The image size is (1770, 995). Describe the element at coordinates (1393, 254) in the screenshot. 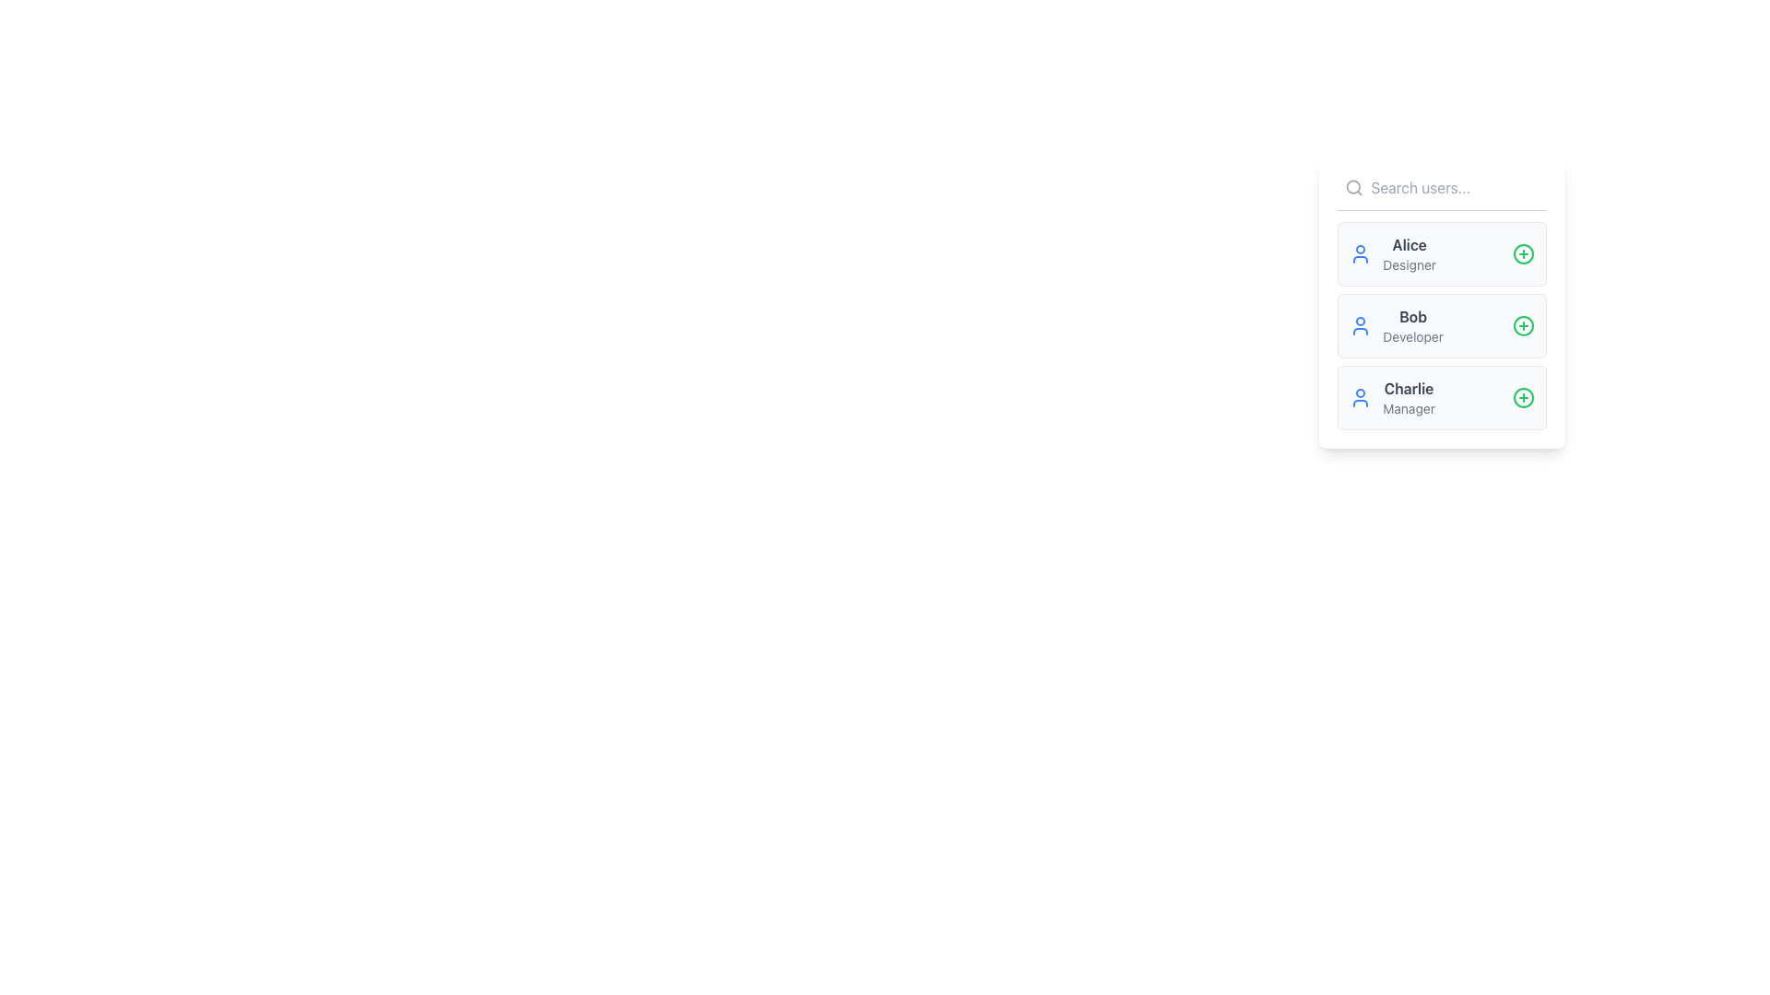

I see `the displayed name 'Alice' and role 'Designer' in the first user profile entry of the list, located below the search bar` at that location.